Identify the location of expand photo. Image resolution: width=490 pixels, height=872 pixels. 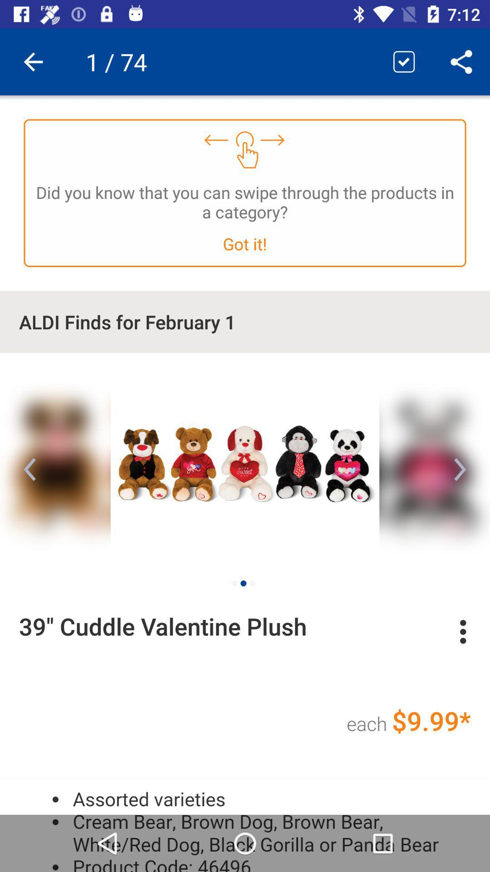
(245, 462).